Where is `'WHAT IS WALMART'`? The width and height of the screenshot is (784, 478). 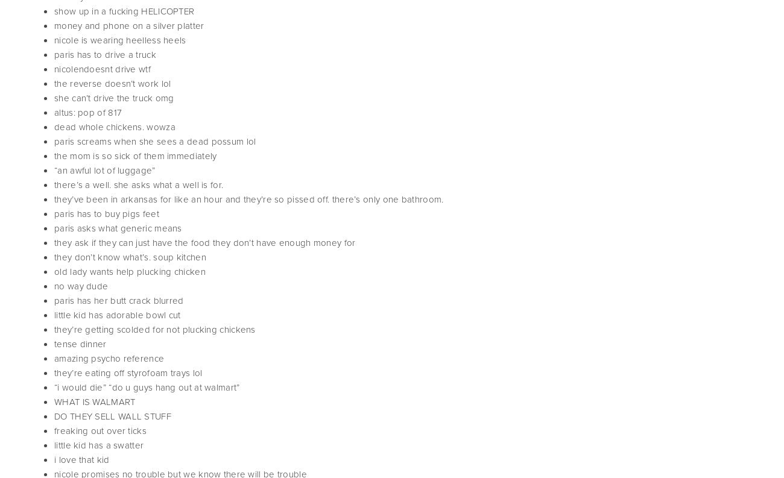 'WHAT IS WALMART' is located at coordinates (54, 401).